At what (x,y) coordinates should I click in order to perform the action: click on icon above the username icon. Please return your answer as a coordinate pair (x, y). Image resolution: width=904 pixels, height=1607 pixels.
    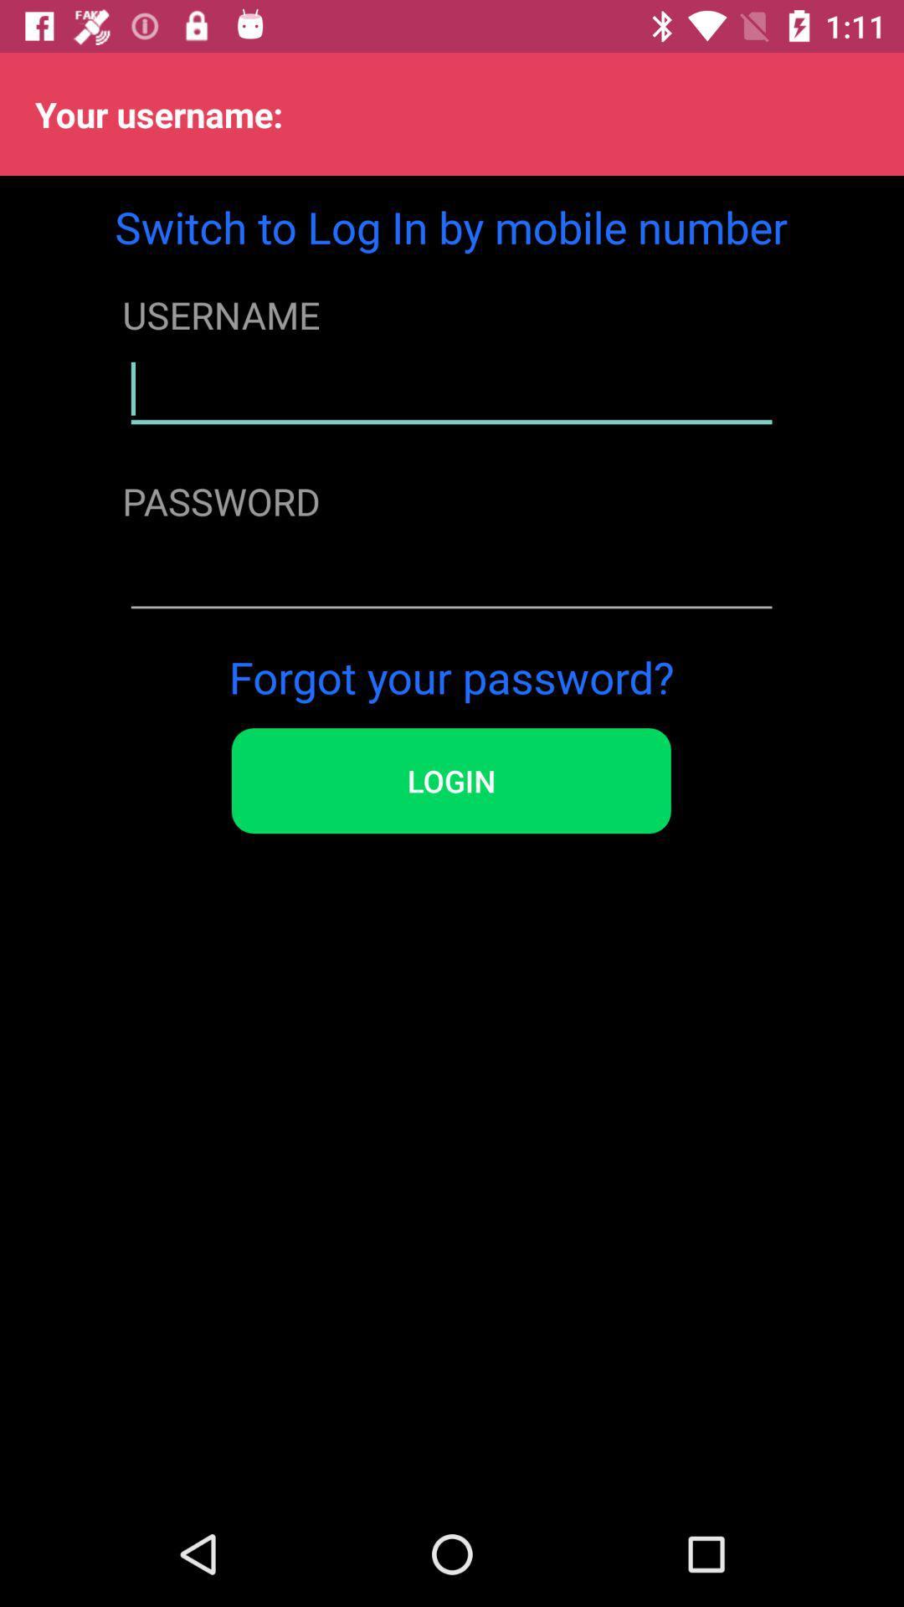
    Looking at the image, I should click on (450, 226).